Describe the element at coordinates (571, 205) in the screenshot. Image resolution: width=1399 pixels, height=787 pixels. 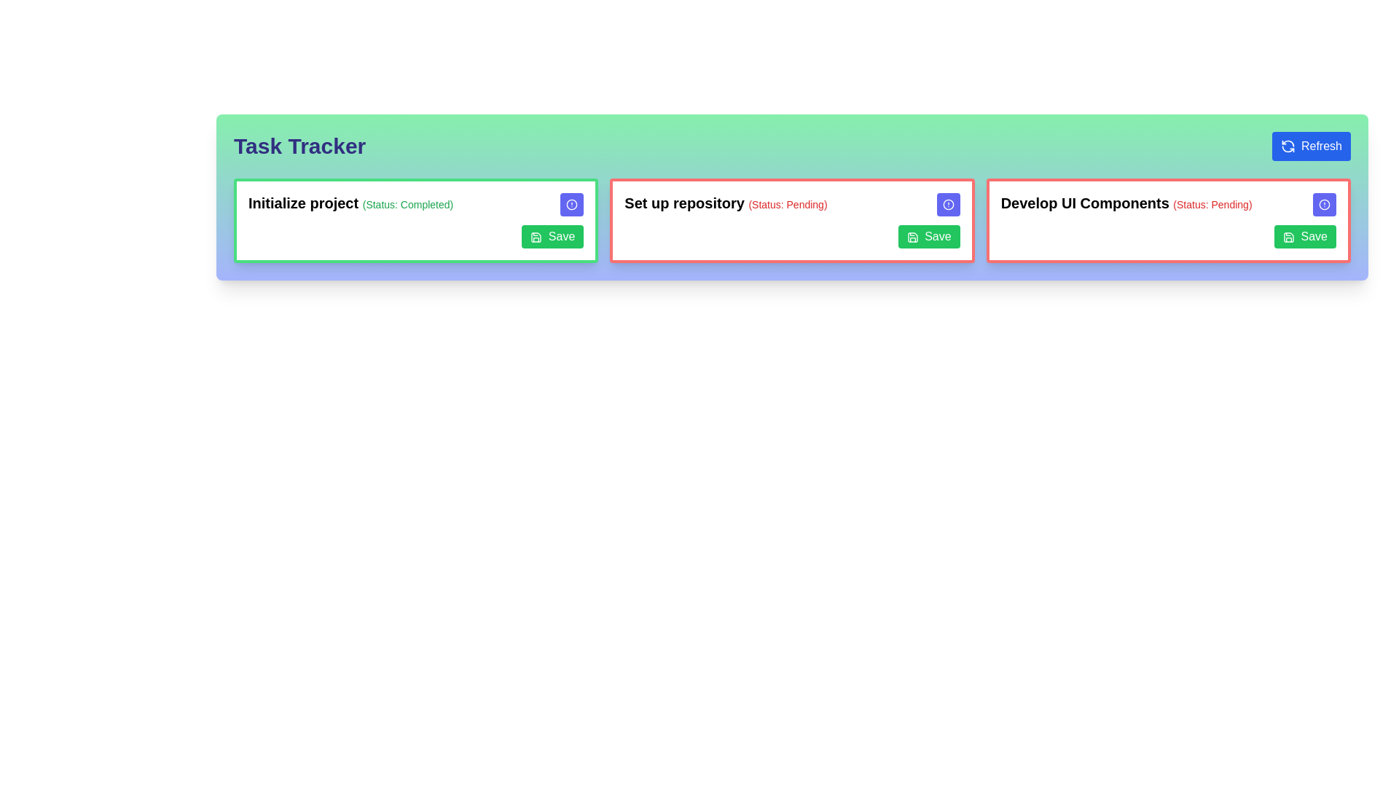
I see `the interactive button located at the top-right of the 'Initialize project (Status: Completed)' task card` at that location.